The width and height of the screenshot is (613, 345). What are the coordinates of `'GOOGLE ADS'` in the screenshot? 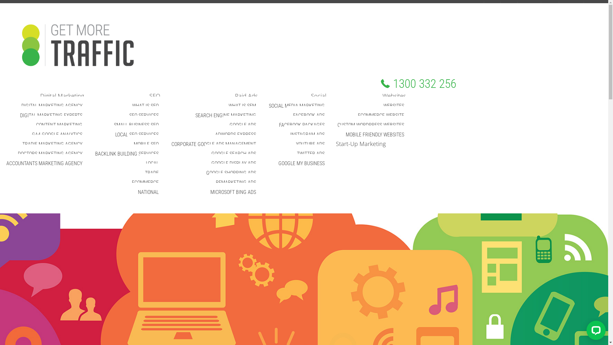 It's located at (242, 125).